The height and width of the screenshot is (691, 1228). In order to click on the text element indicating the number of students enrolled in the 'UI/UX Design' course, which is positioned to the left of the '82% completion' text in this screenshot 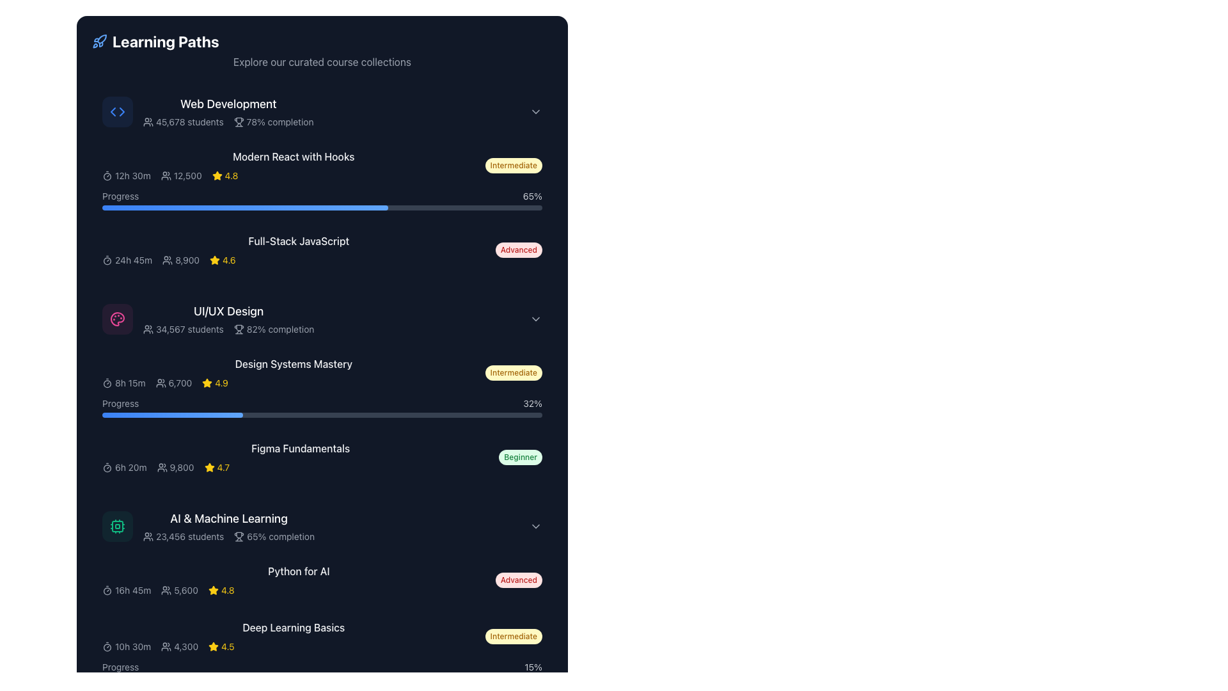, I will do `click(182, 329)`.